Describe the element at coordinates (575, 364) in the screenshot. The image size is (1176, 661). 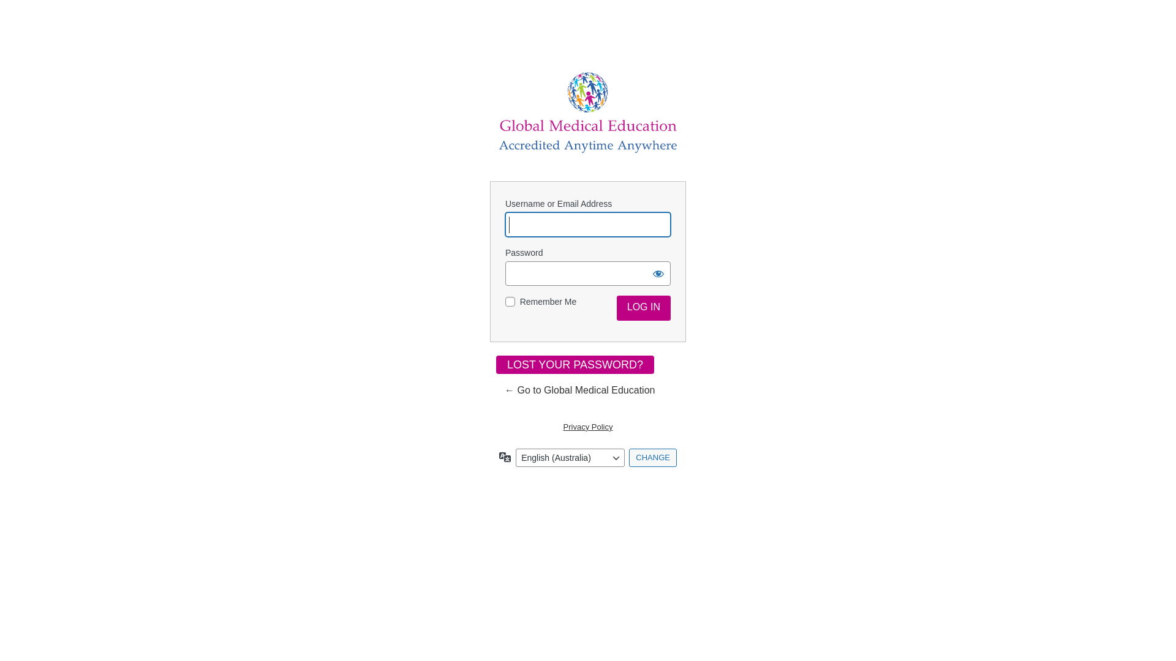
I see `'LOST YOUR PASSWORD?'` at that location.